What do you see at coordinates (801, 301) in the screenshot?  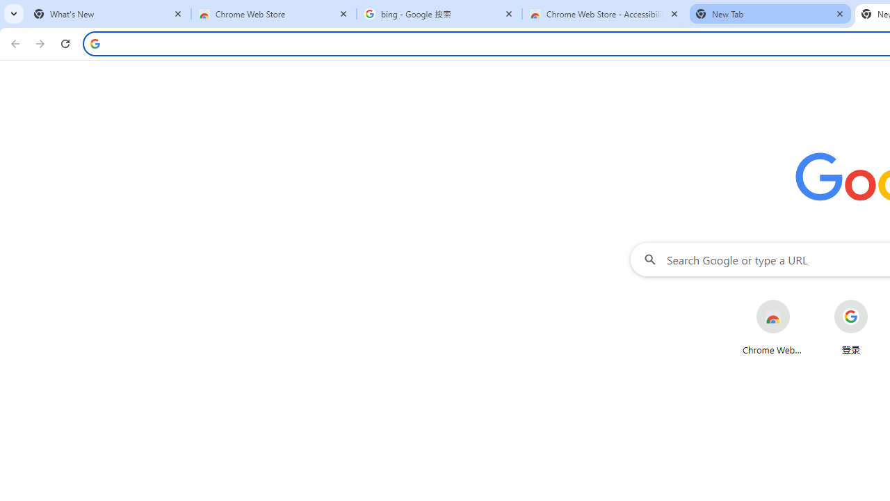 I see `'More actions for Chrome Web Store shortcut'` at bounding box center [801, 301].